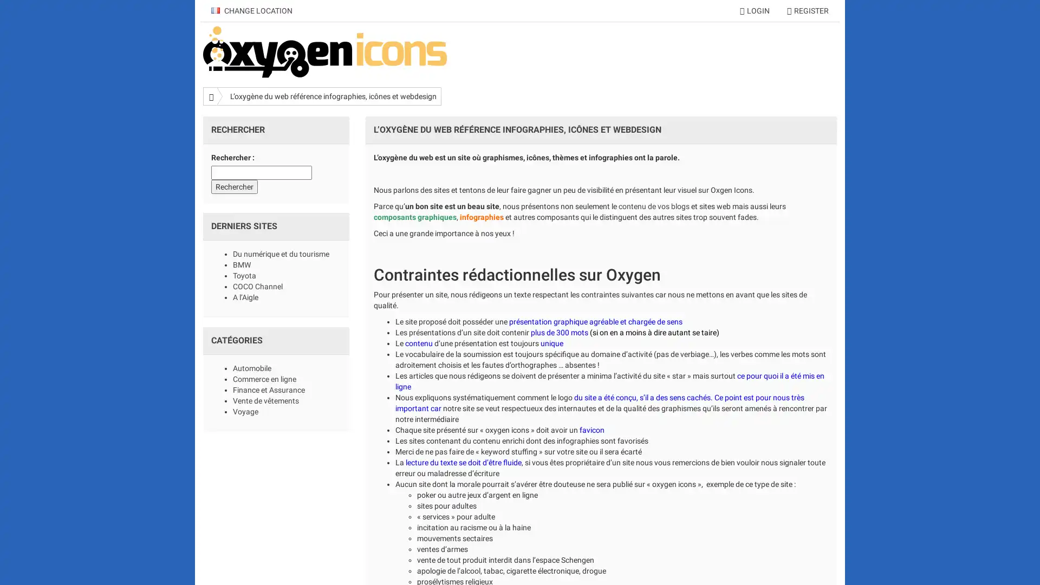 The image size is (1040, 585). I want to click on Rechercher, so click(233, 186).